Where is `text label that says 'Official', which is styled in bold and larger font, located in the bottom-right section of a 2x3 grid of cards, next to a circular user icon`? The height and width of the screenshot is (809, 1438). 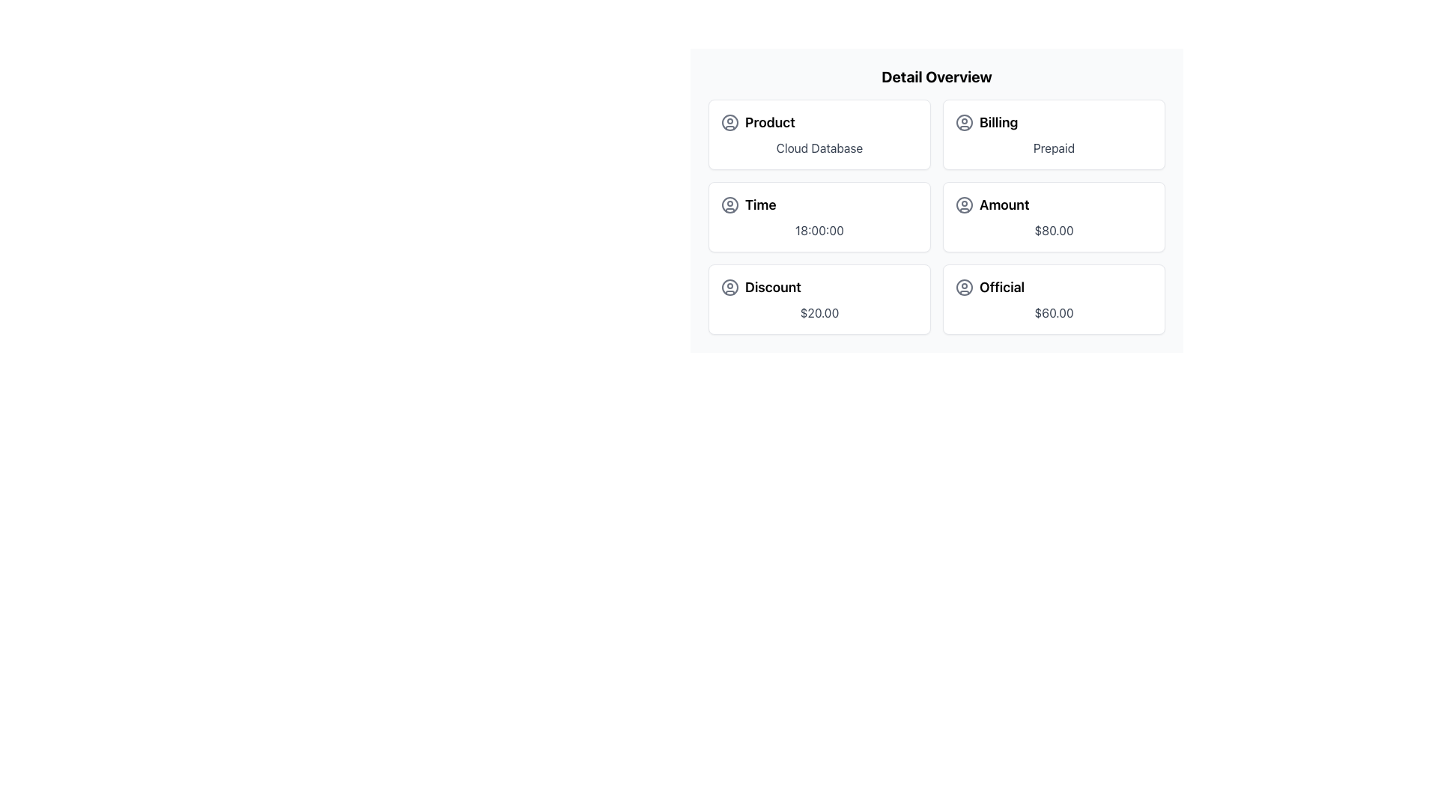 text label that says 'Official', which is styled in bold and larger font, located in the bottom-right section of a 2x3 grid of cards, next to a circular user icon is located at coordinates (1002, 288).